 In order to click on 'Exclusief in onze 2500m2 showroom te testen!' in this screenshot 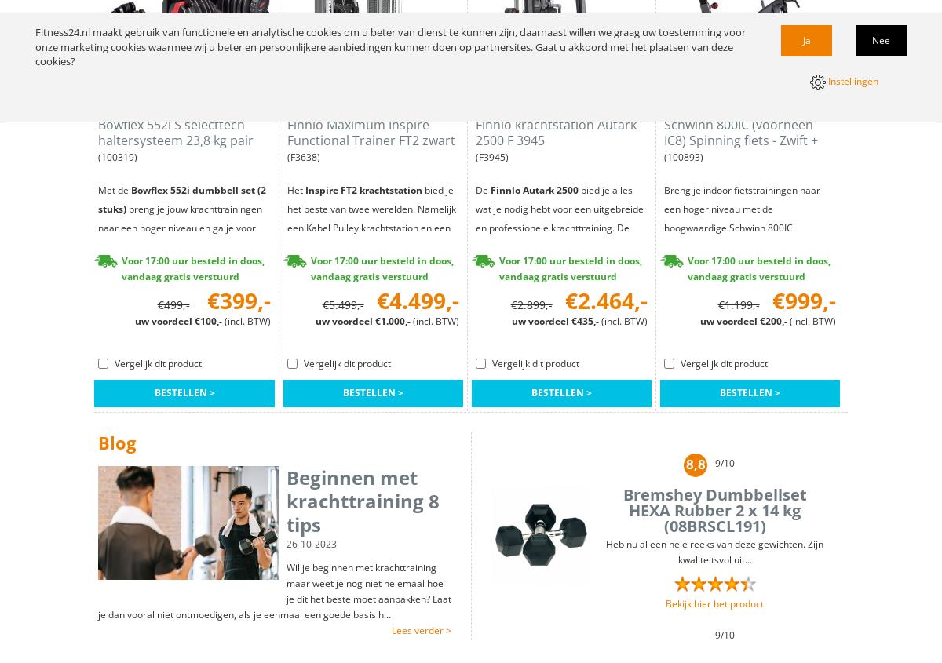, I will do `click(749, 406)`.